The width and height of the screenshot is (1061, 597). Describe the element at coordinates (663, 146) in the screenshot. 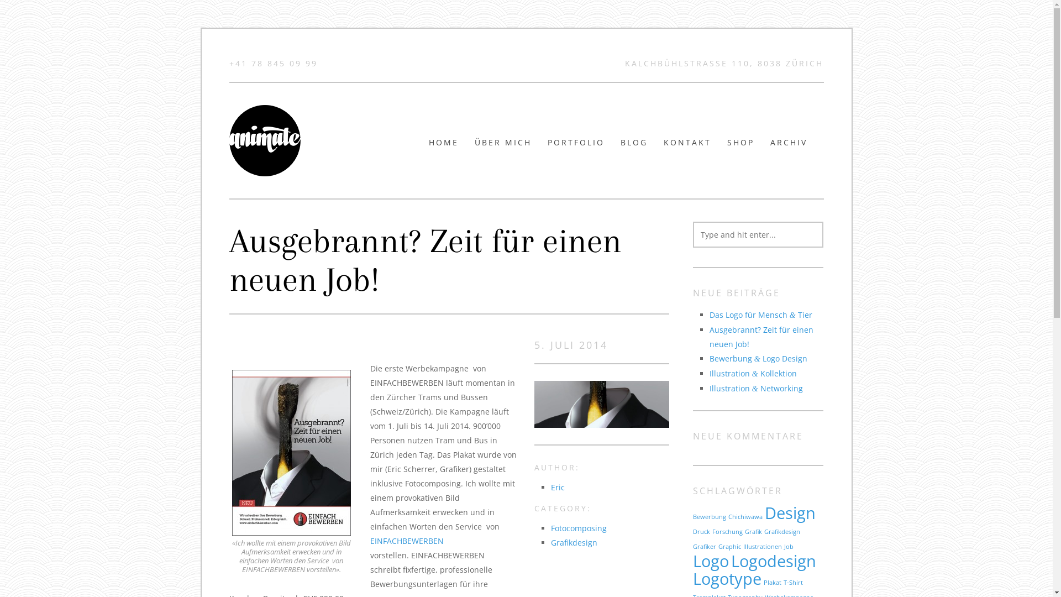

I see `'KONTAKT'` at that location.